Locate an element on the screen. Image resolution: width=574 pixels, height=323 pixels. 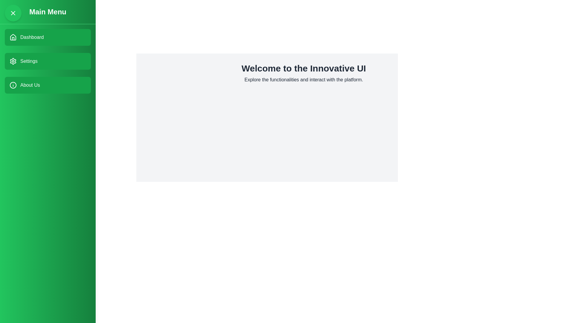
the menu item Settings from the options Dashboard, Settings, and About Us is located at coordinates (47, 61).